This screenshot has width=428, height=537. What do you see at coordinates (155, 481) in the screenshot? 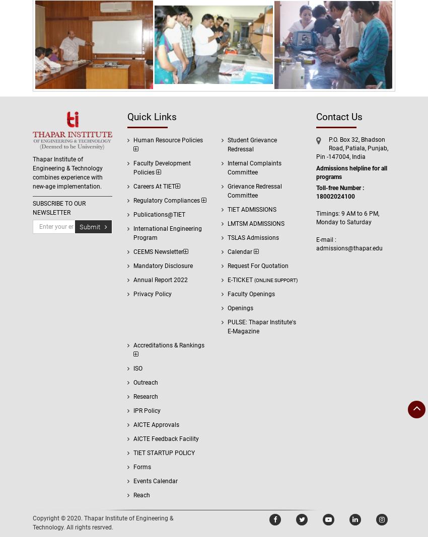
I see `'Events Calendar'` at bounding box center [155, 481].